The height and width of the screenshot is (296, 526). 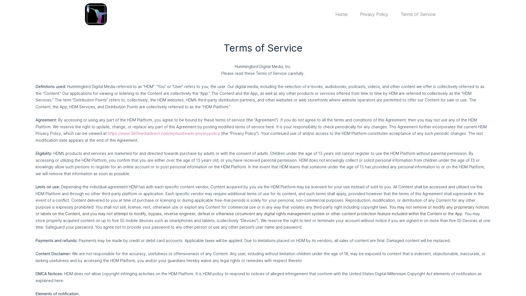 I want to click on Close, so click(x=513, y=284).